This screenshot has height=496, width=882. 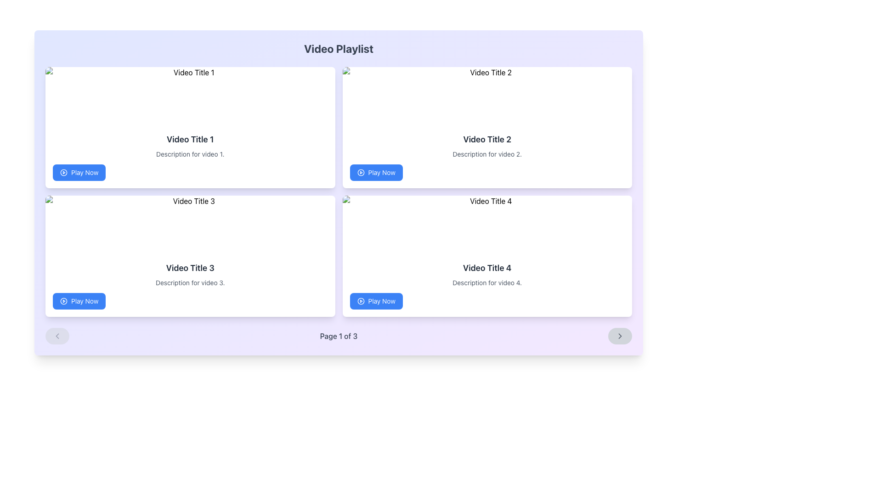 I want to click on the pagination control labeled 'Page 1 of 3' located at the bottom of the layout, which is flanked by left and right chevron buttons, so click(x=338, y=336).